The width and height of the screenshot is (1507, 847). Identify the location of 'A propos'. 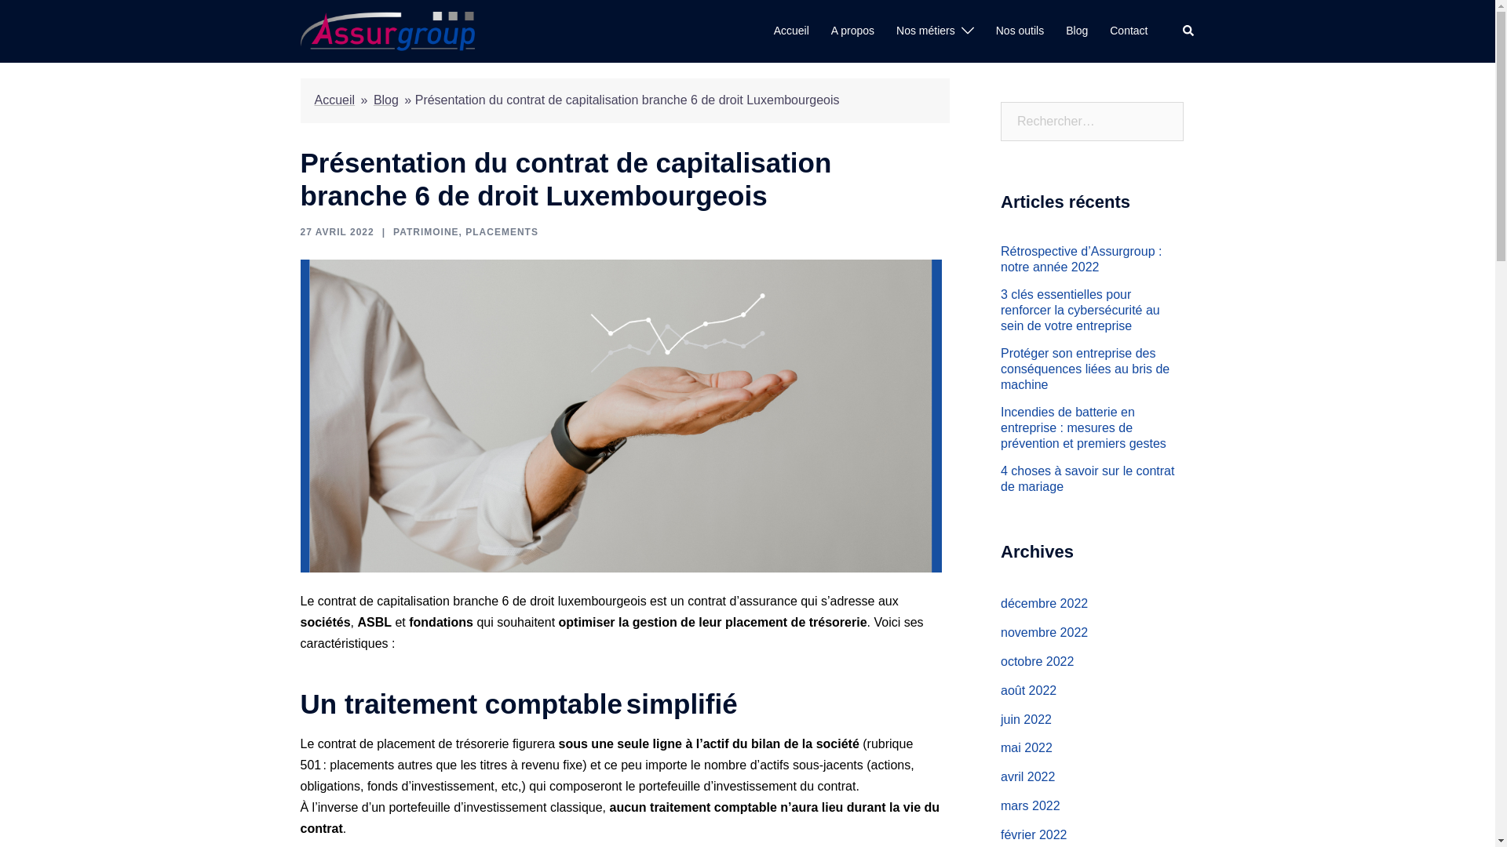
(830, 31).